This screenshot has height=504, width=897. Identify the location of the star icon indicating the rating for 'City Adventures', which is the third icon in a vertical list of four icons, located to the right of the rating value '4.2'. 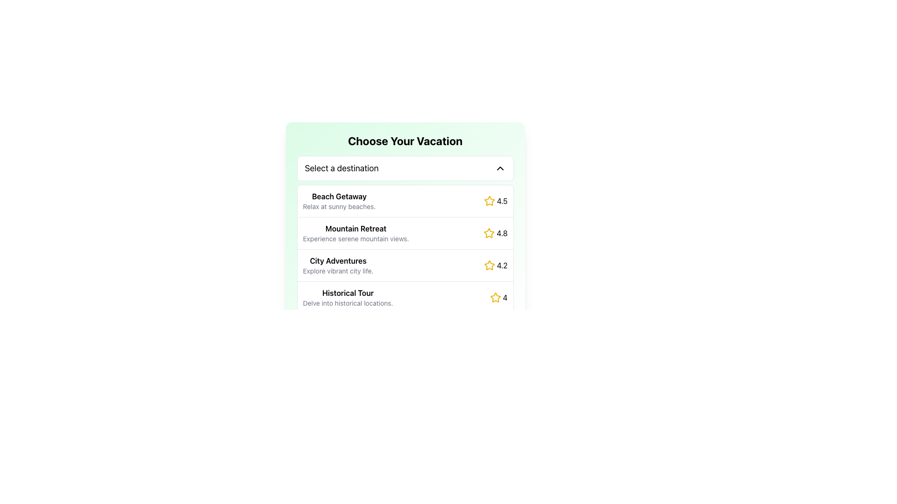
(495, 297).